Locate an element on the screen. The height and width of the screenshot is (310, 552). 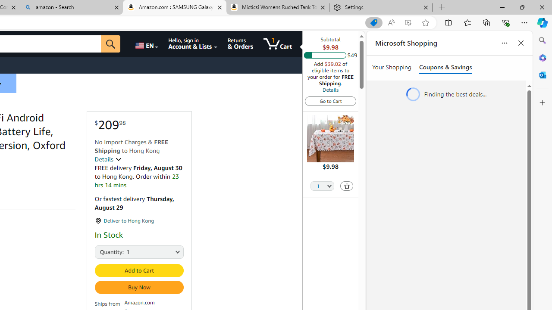
'Choose a language for shopping.' is located at coordinates (146, 43).